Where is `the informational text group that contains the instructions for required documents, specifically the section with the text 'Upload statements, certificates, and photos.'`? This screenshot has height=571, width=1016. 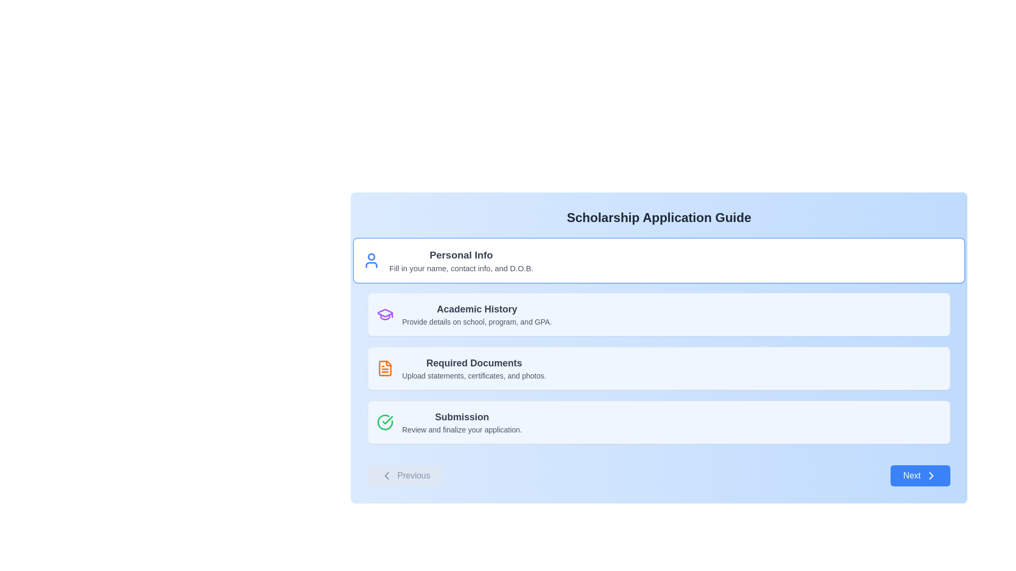
the informational text group that contains the instructions for required documents, specifically the section with the text 'Upload statements, certificates, and photos.' is located at coordinates (474, 368).